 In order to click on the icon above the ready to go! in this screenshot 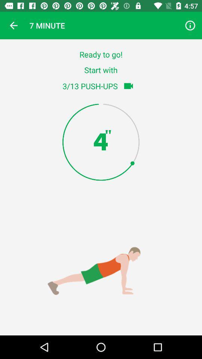, I will do `click(190, 25)`.